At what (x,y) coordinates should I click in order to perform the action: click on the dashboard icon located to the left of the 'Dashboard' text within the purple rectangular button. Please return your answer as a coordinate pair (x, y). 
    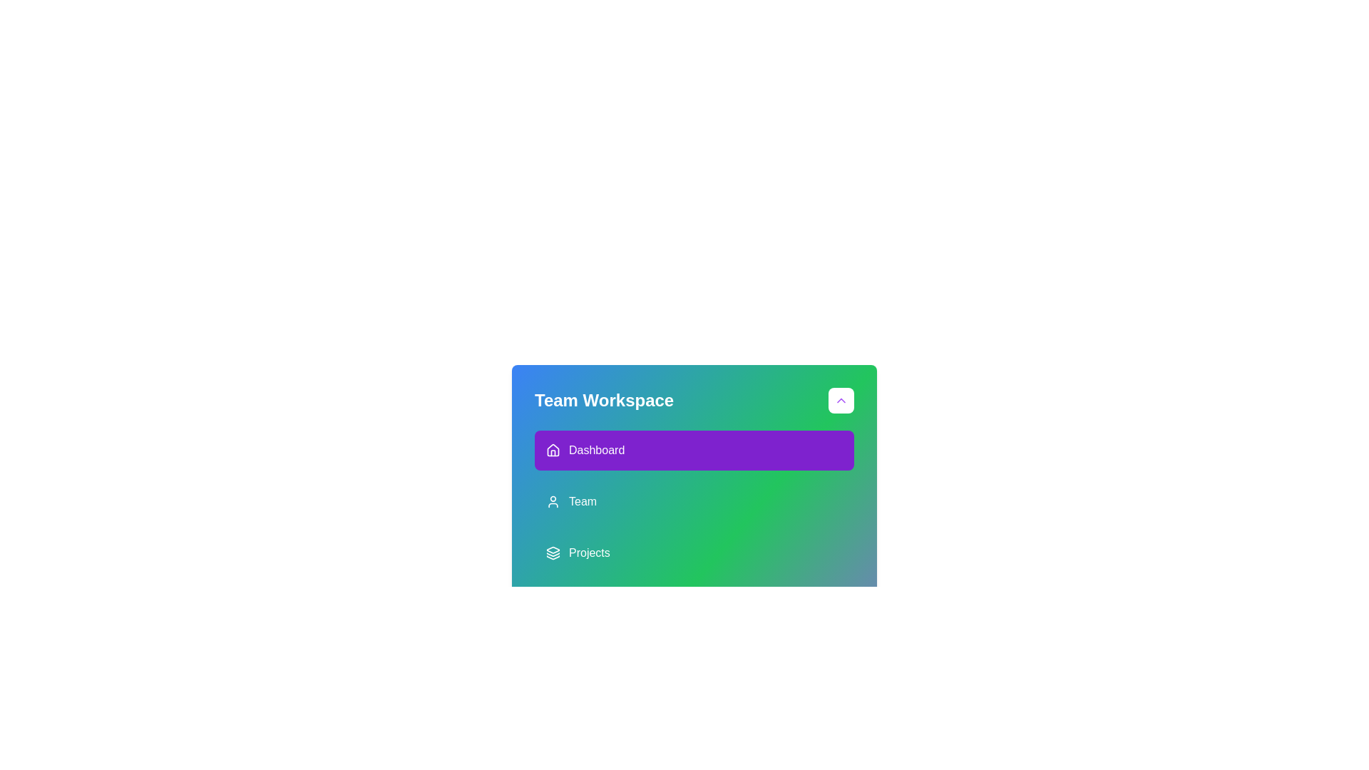
    Looking at the image, I should click on (553, 451).